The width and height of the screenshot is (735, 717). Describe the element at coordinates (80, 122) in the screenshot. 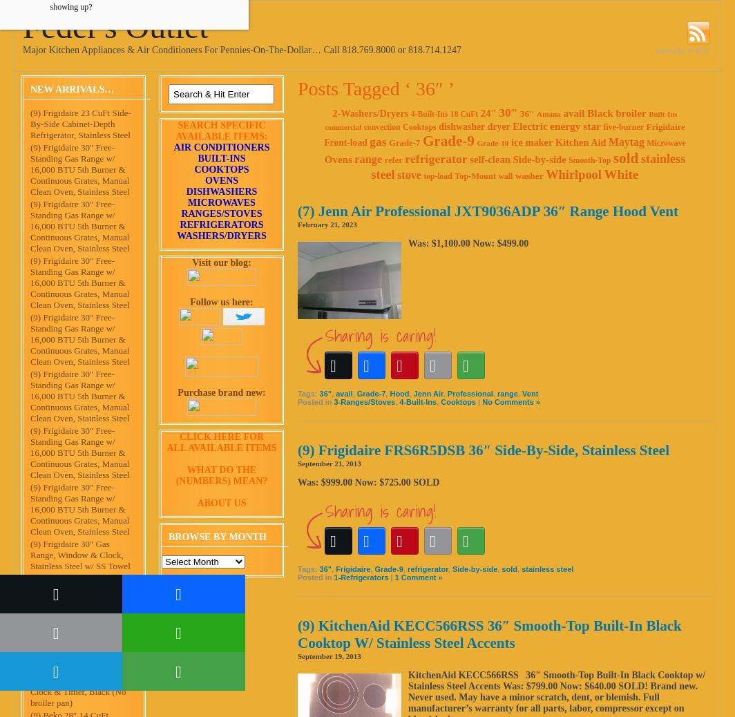

I see `'(9) Frigidaire 23 CuFt Side-By-Side Cabinet-Depth Refrigerator, Stainless Steel'` at that location.